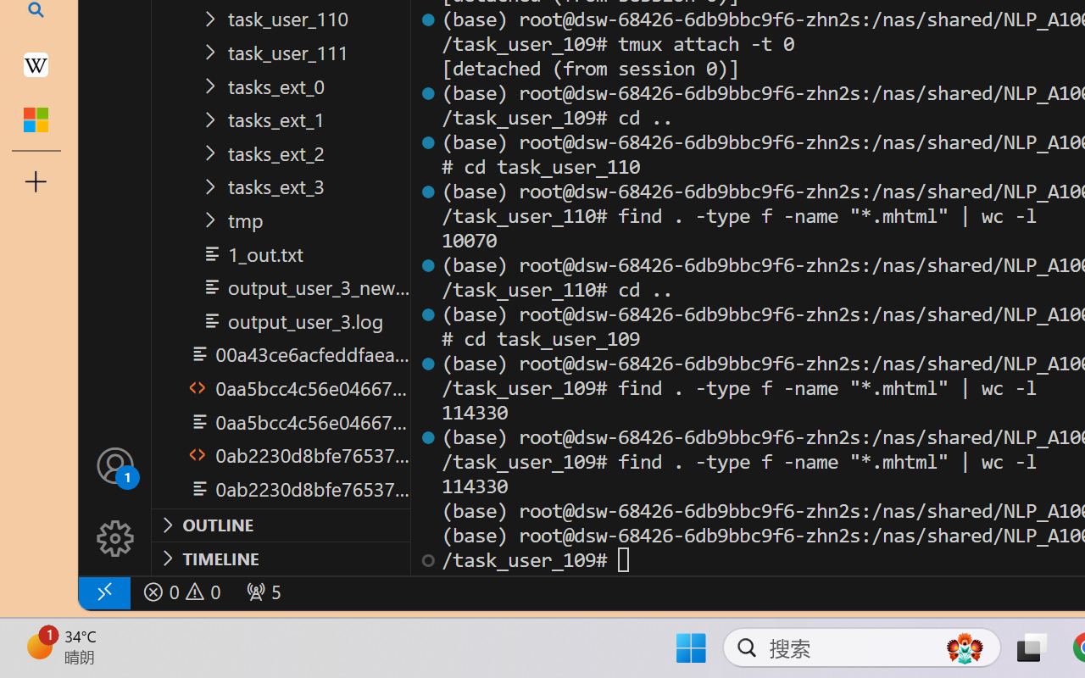 The height and width of the screenshot is (678, 1085). I want to click on 'Timeline Section', so click(281, 557).